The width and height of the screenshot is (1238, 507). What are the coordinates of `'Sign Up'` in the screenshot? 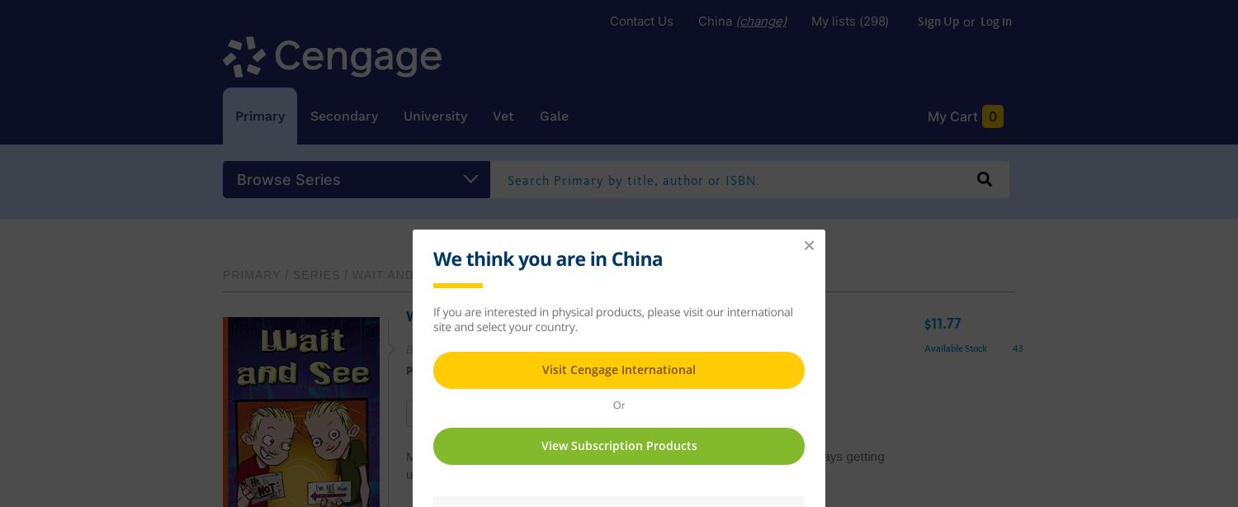 It's located at (916, 22).